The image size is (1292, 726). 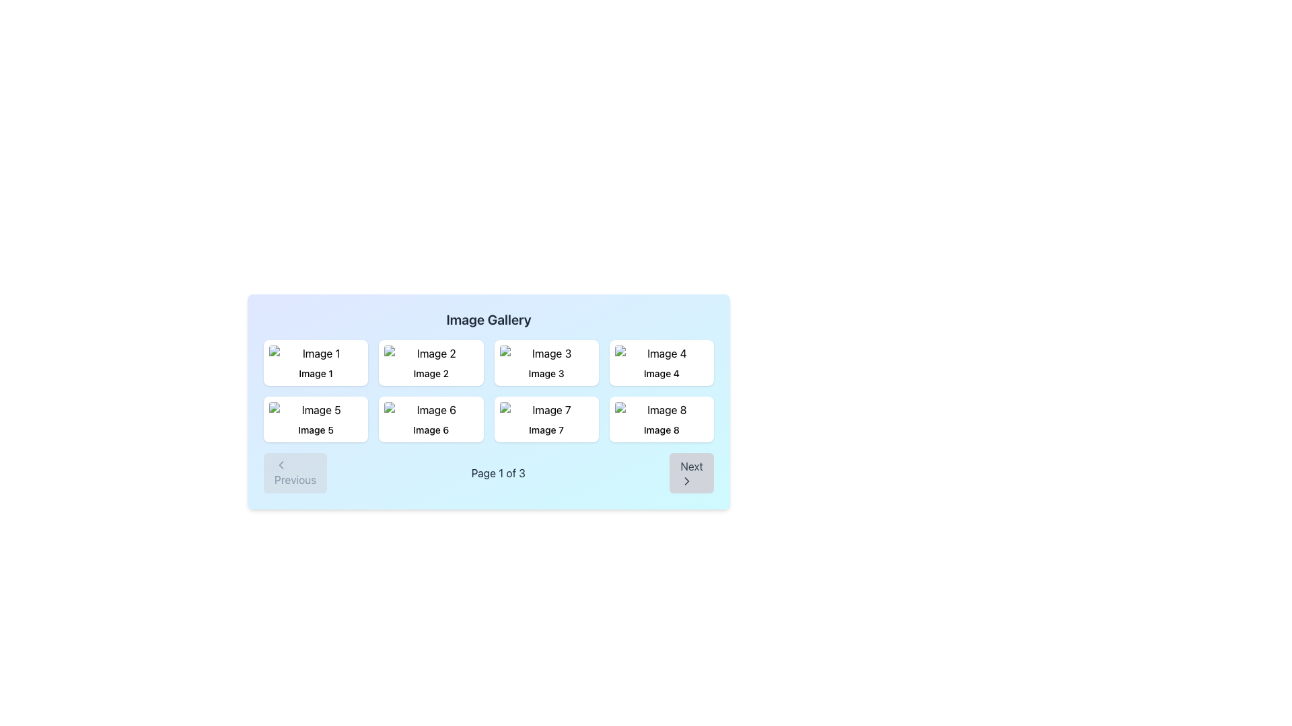 What do you see at coordinates (315, 409) in the screenshot?
I see `the image placeholder for 'Image 5' located` at bounding box center [315, 409].